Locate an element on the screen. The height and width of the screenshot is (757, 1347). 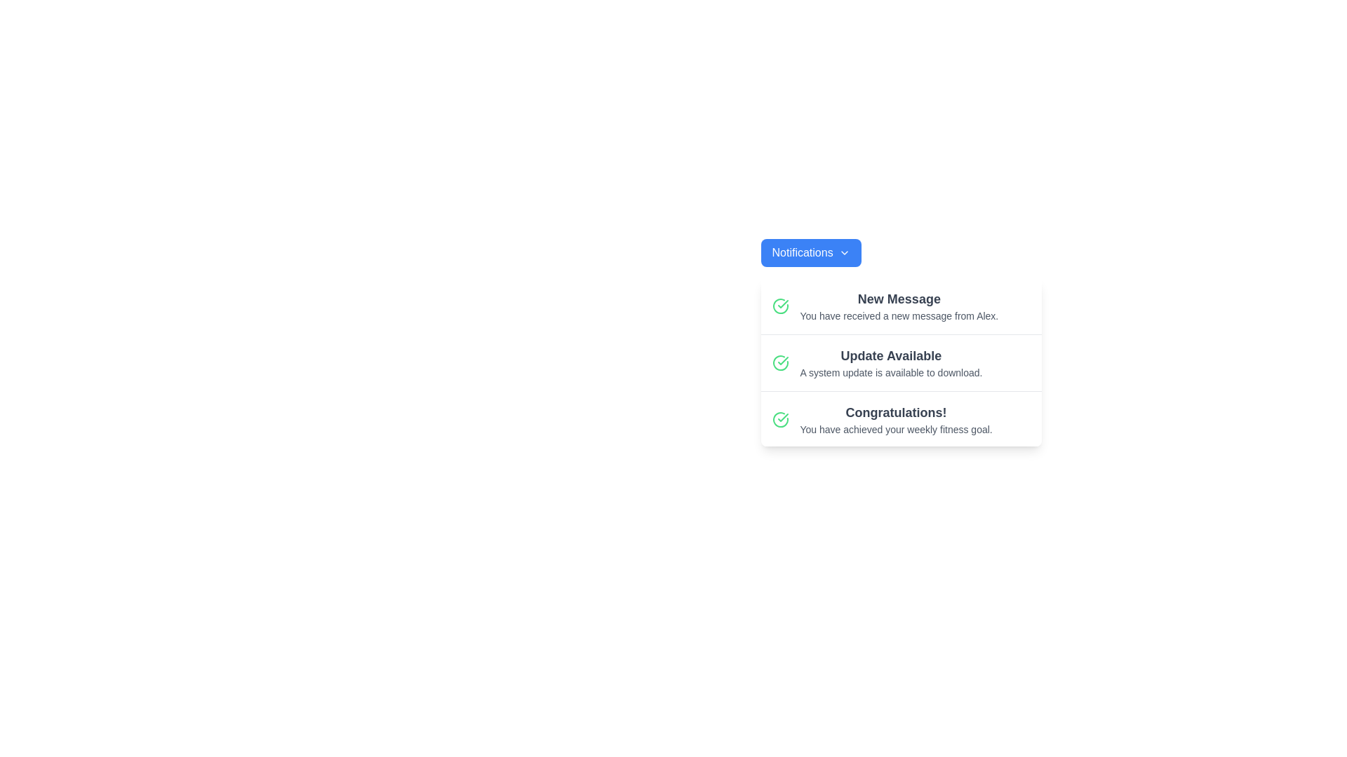
the positive status icon located at the top-left of a notification list item, indicating successful completion of a task is located at coordinates (782, 360).